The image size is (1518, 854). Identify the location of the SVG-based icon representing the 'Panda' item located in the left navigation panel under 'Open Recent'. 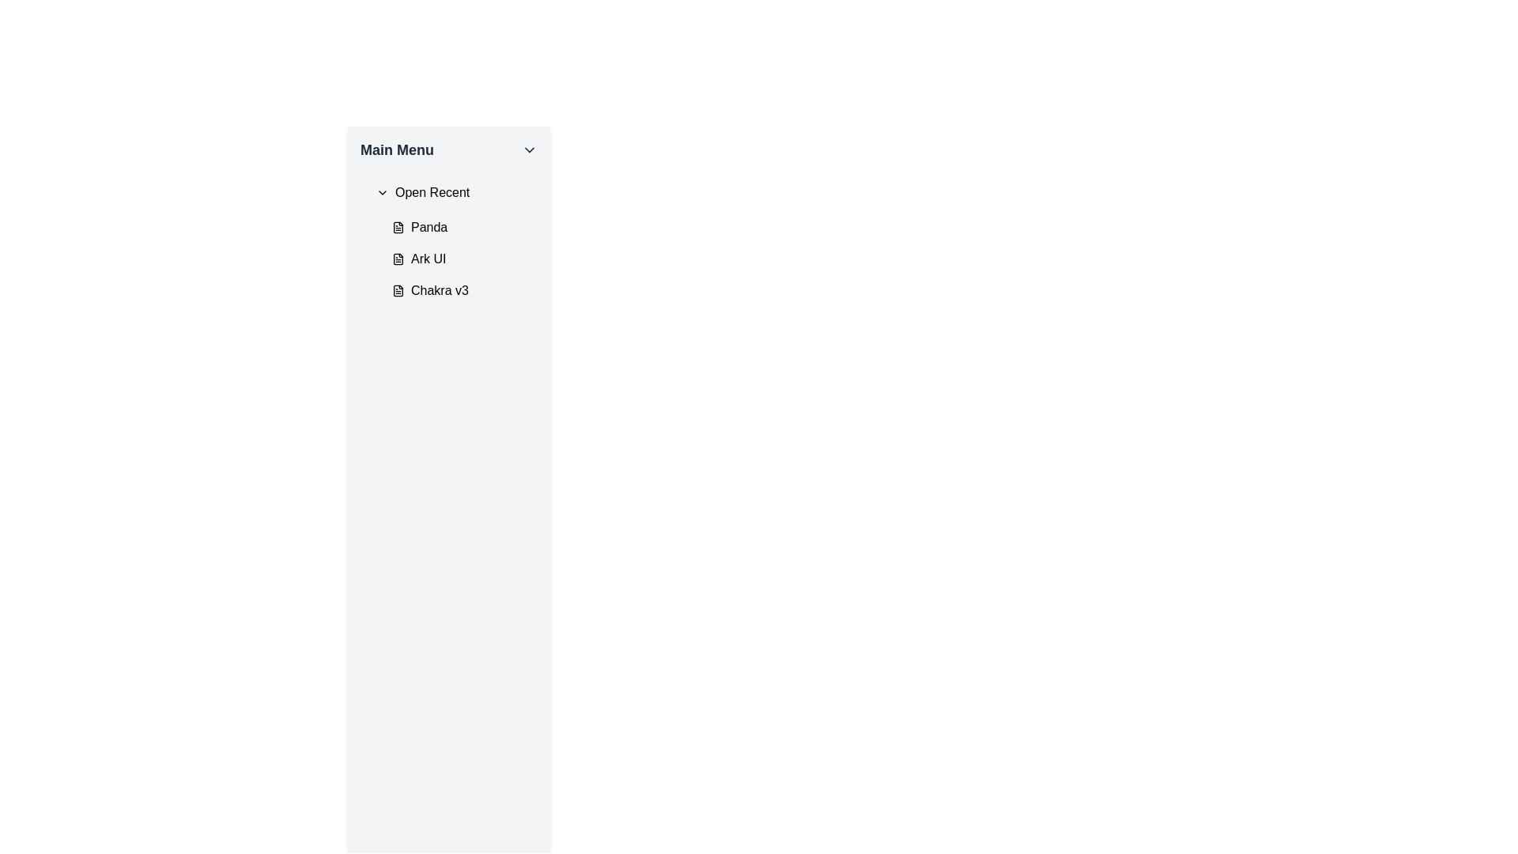
(398, 228).